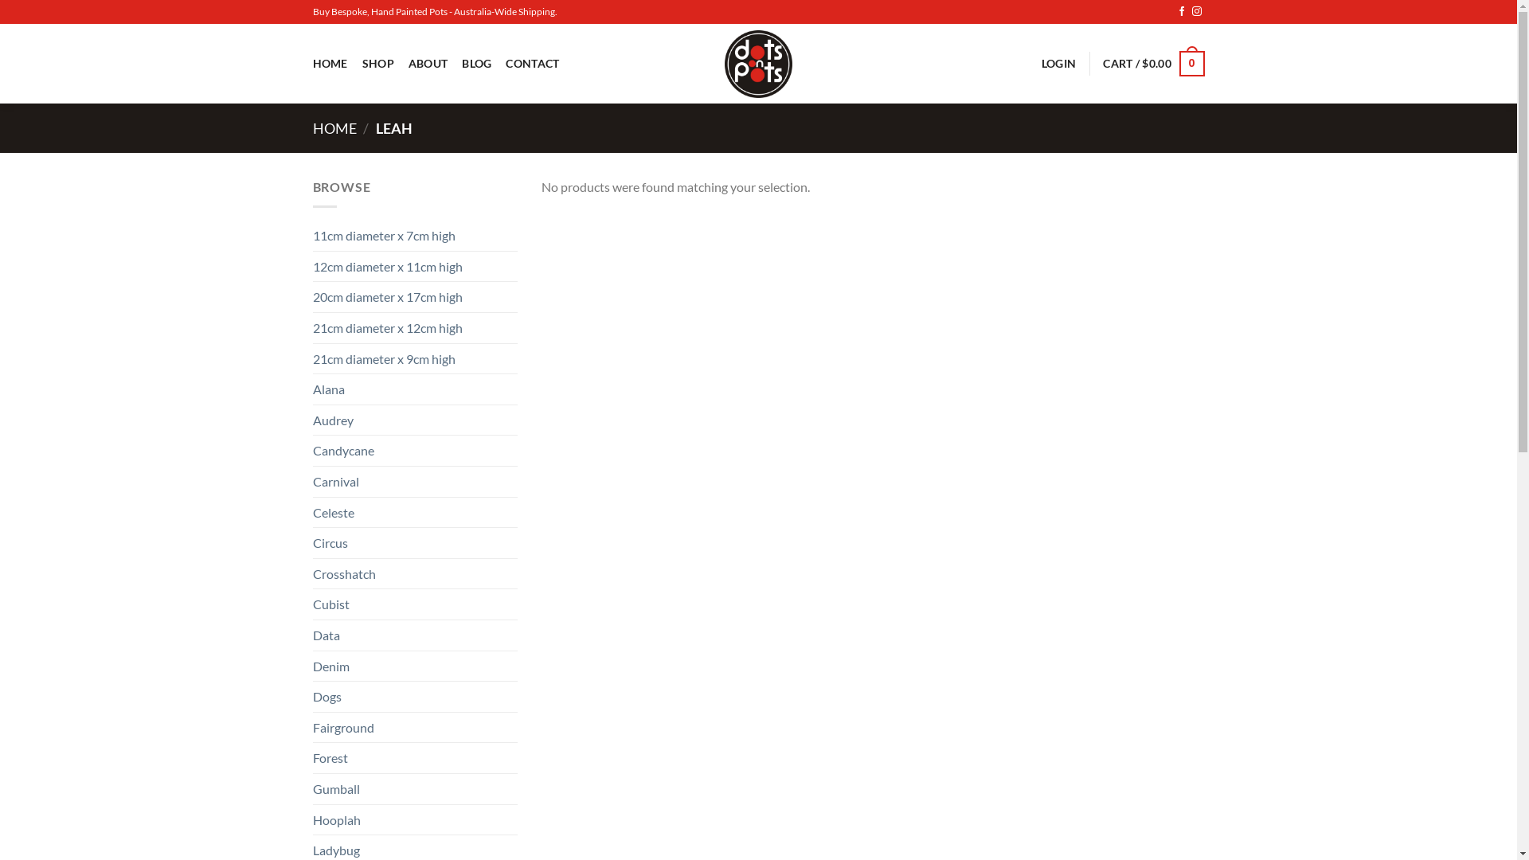 Image resolution: width=1529 pixels, height=860 pixels. Describe the element at coordinates (1181, 12) in the screenshot. I see `'Follow on Facebook'` at that location.